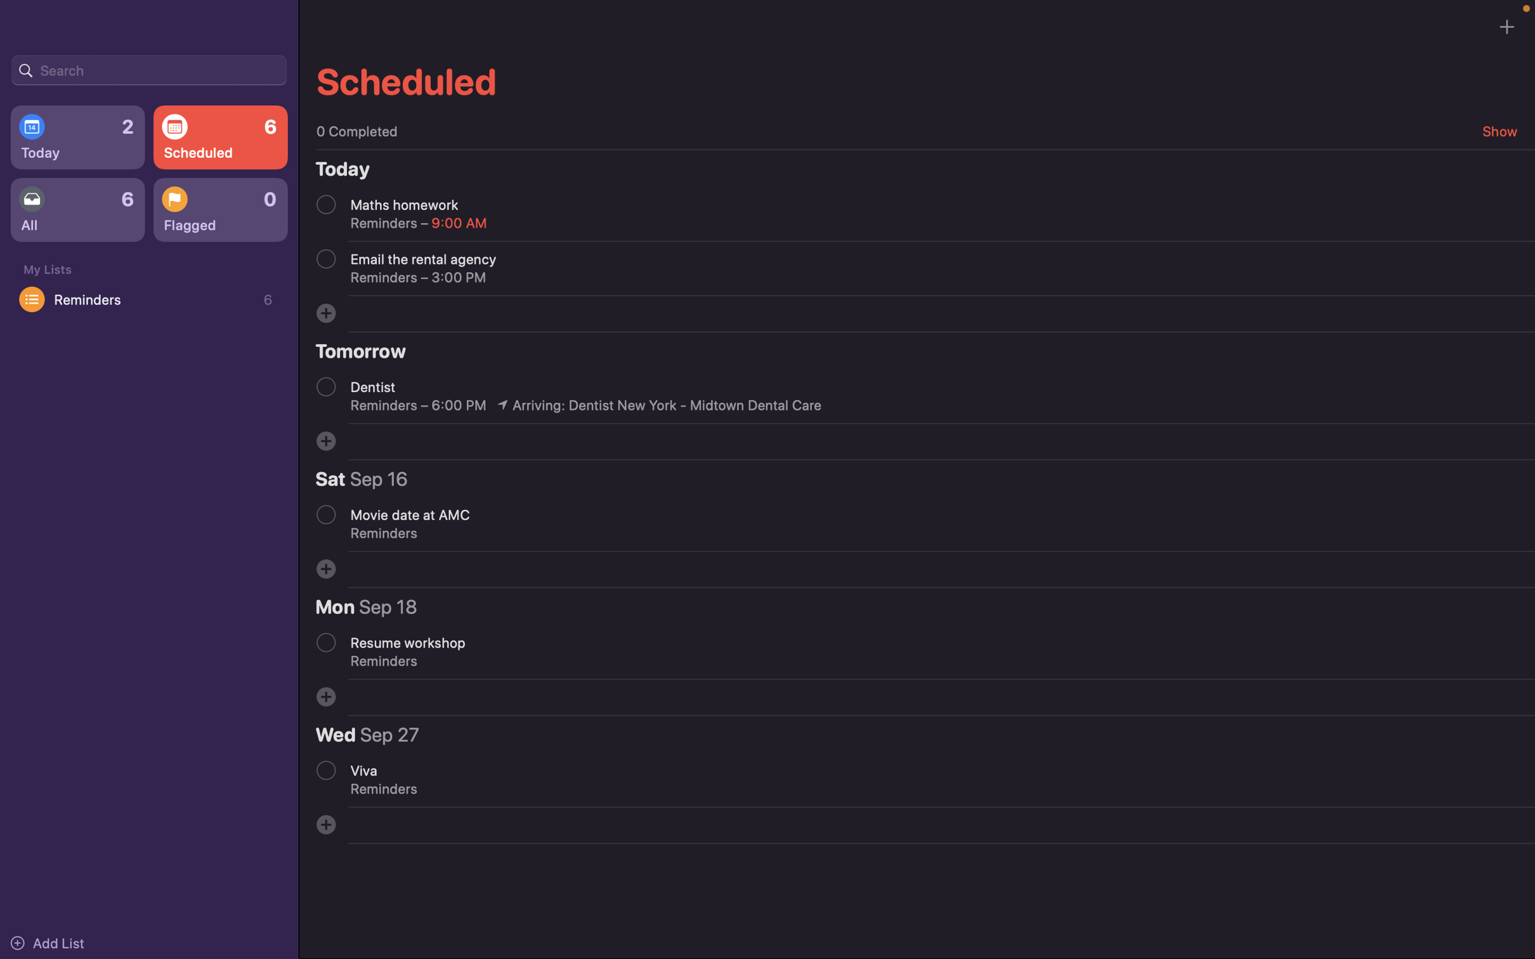 The height and width of the screenshot is (959, 1535). Describe the element at coordinates (325, 312) in the screenshot. I see `Schedule a client meeting for the coming week` at that location.